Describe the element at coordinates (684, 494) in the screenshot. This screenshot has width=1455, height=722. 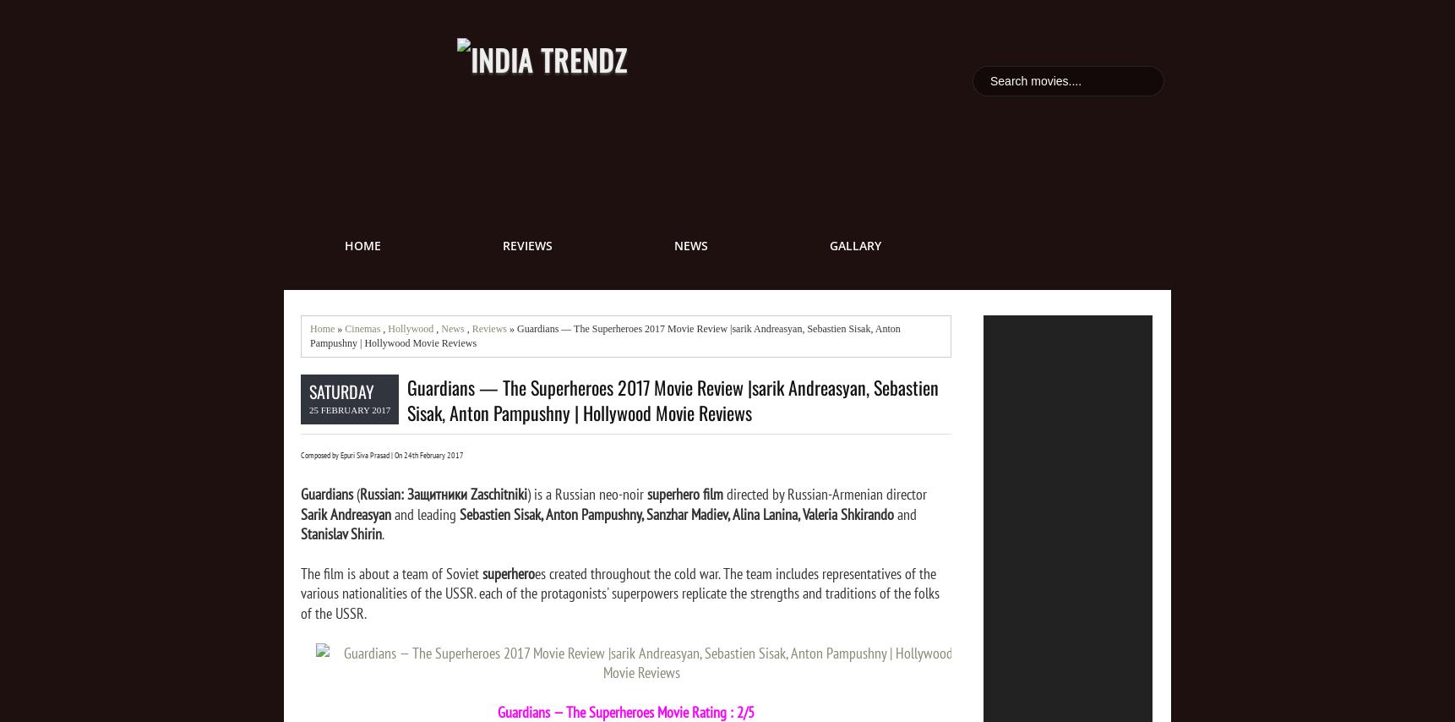
I see `'superhero film'` at that location.